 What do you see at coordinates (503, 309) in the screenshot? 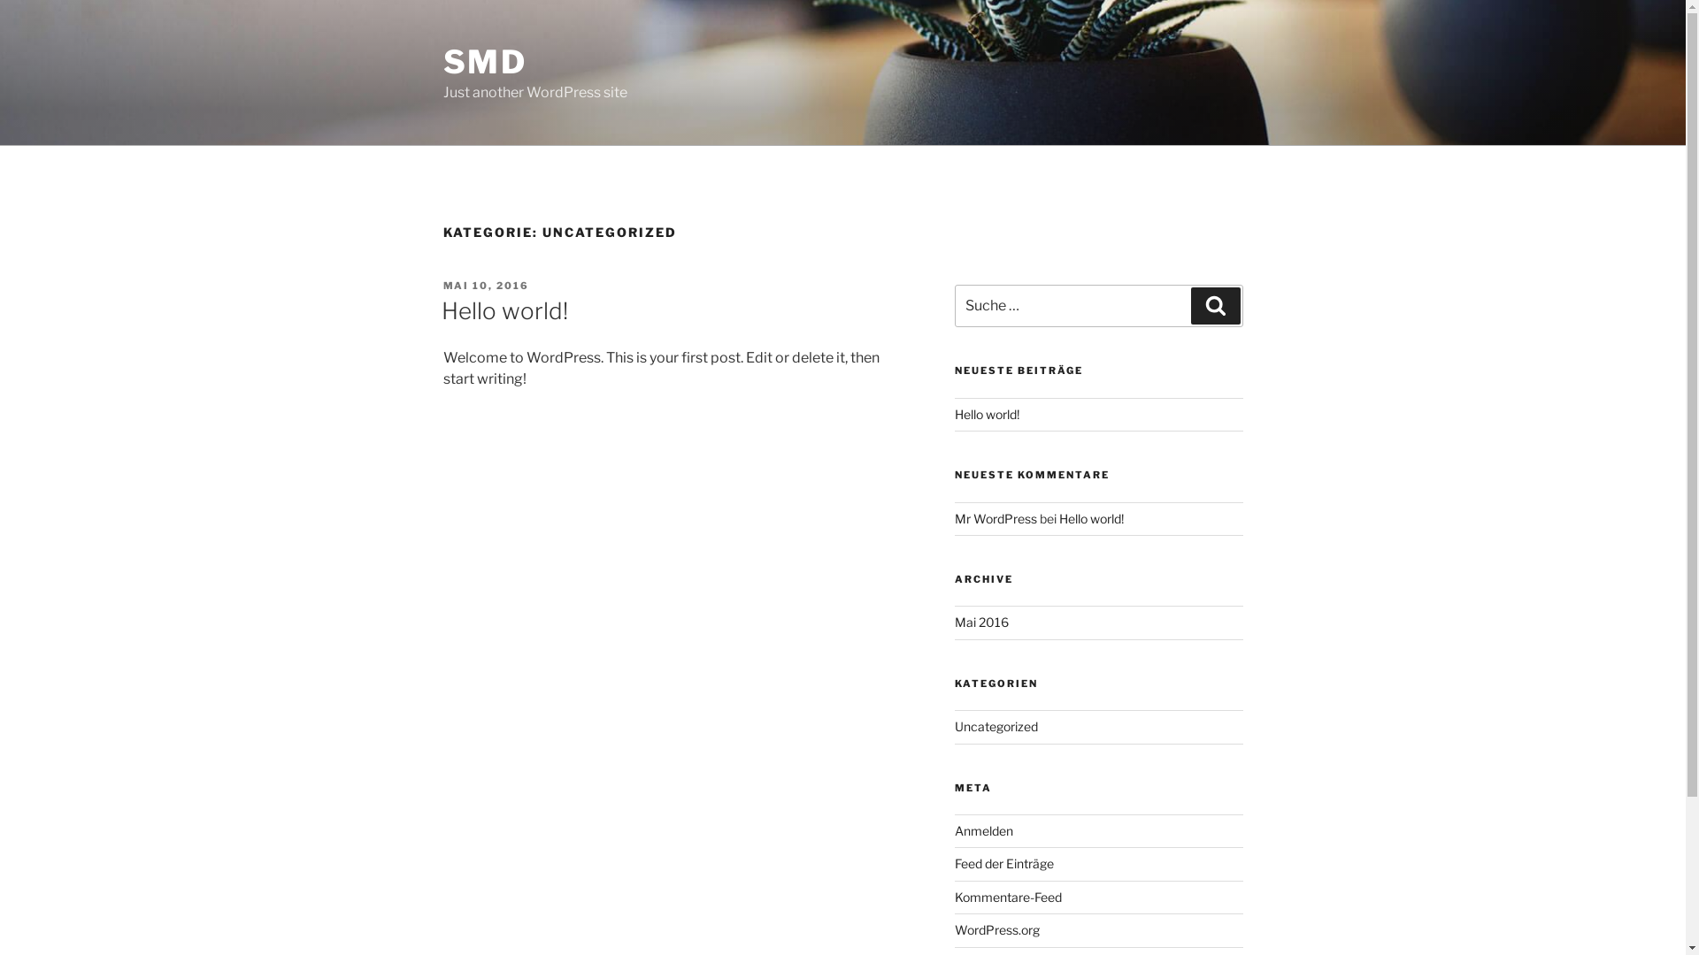
I see `'Hello world!'` at bounding box center [503, 309].